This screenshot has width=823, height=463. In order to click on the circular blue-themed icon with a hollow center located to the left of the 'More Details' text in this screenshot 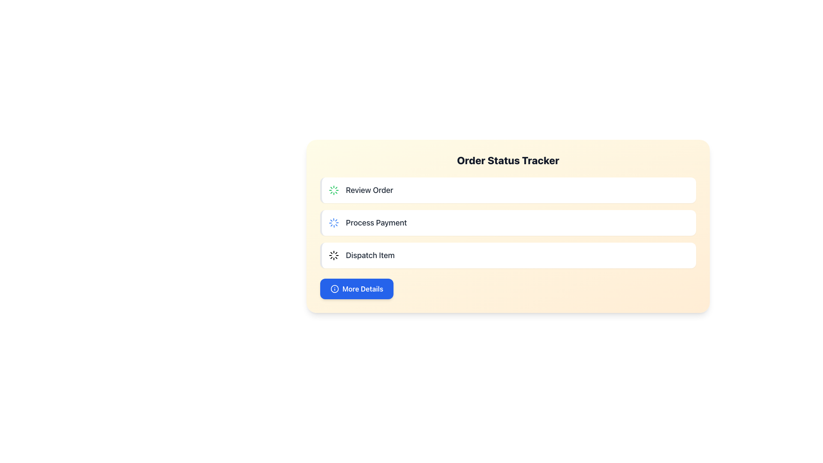, I will do `click(334, 289)`.